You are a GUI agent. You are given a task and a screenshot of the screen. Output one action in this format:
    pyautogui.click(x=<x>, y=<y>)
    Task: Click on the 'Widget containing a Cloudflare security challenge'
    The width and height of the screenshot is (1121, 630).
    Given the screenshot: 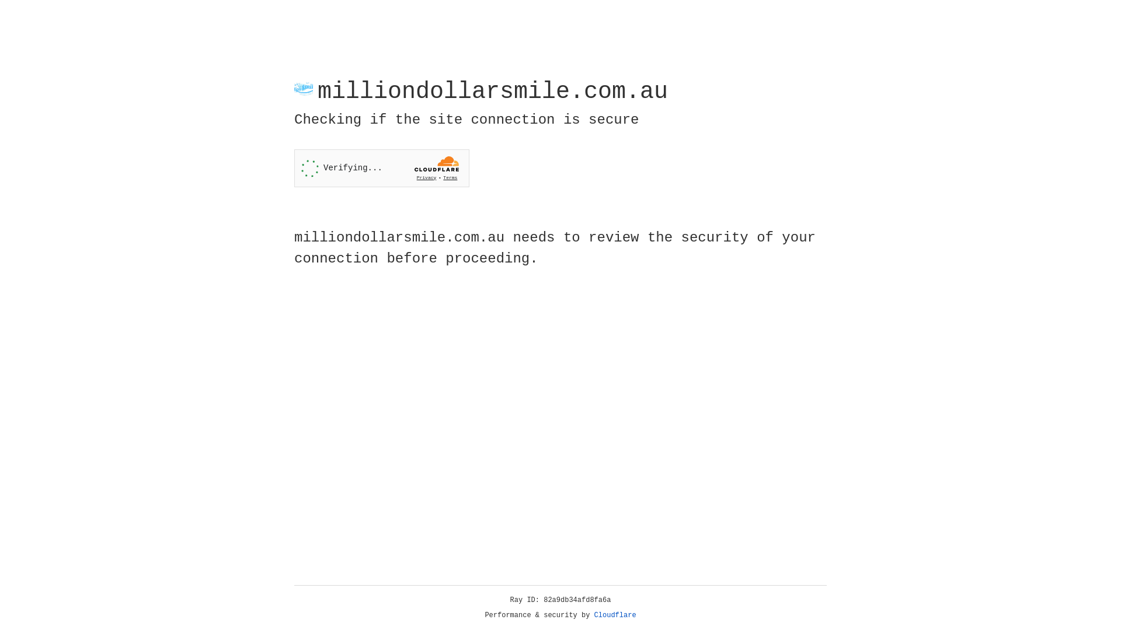 What is the action you would take?
    pyautogui.click(x=381, y=168)
    